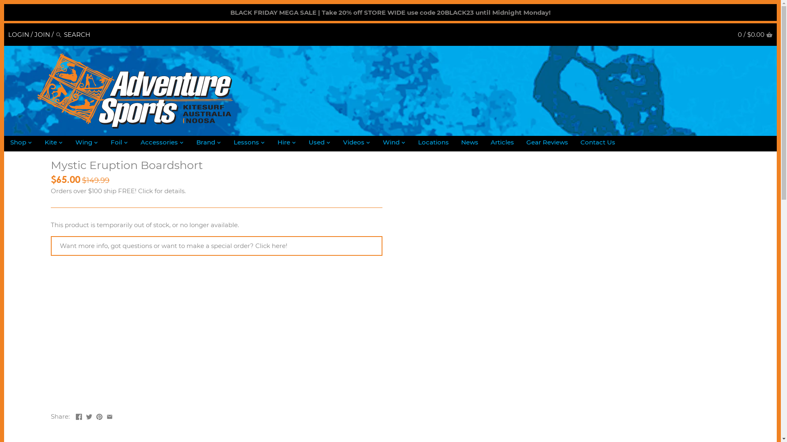 Image resolution: width=787 pixels, height=442 pixels. Describe the element at coordinates (84, 143) in the screenshot. I see `'Wing'` at that location.